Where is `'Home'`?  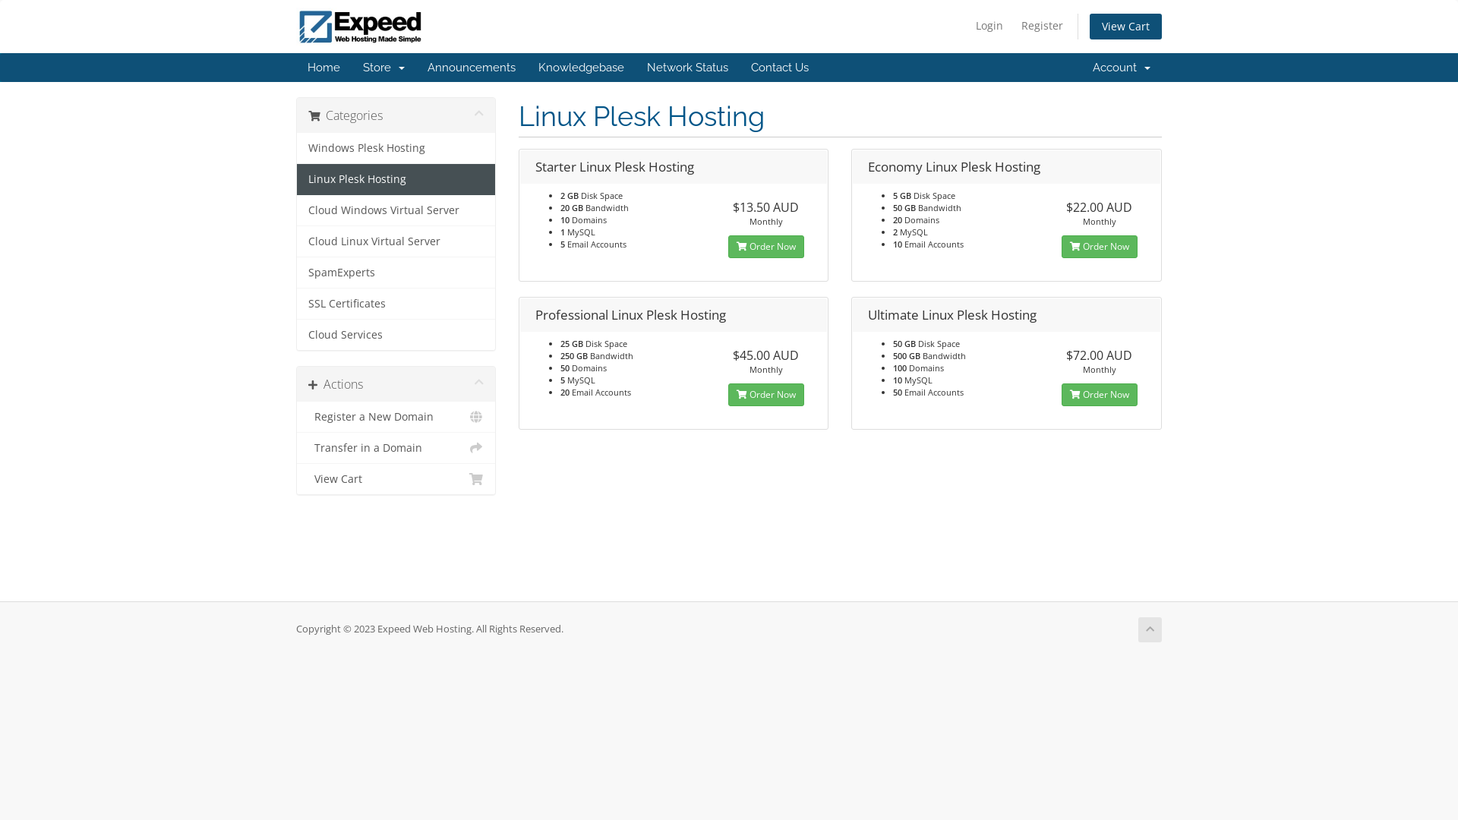 'Home' is located at coordinates (295, 66).